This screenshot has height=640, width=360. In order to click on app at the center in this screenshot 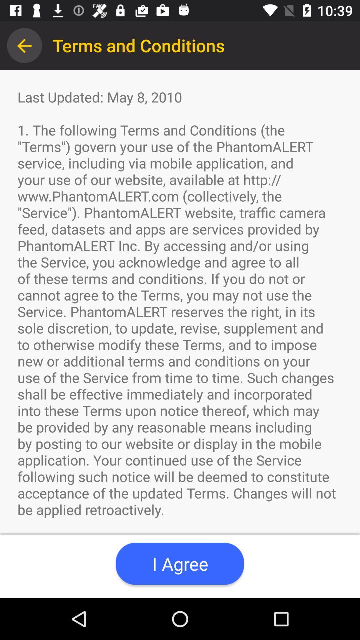, I will do `click(180, 334)`.